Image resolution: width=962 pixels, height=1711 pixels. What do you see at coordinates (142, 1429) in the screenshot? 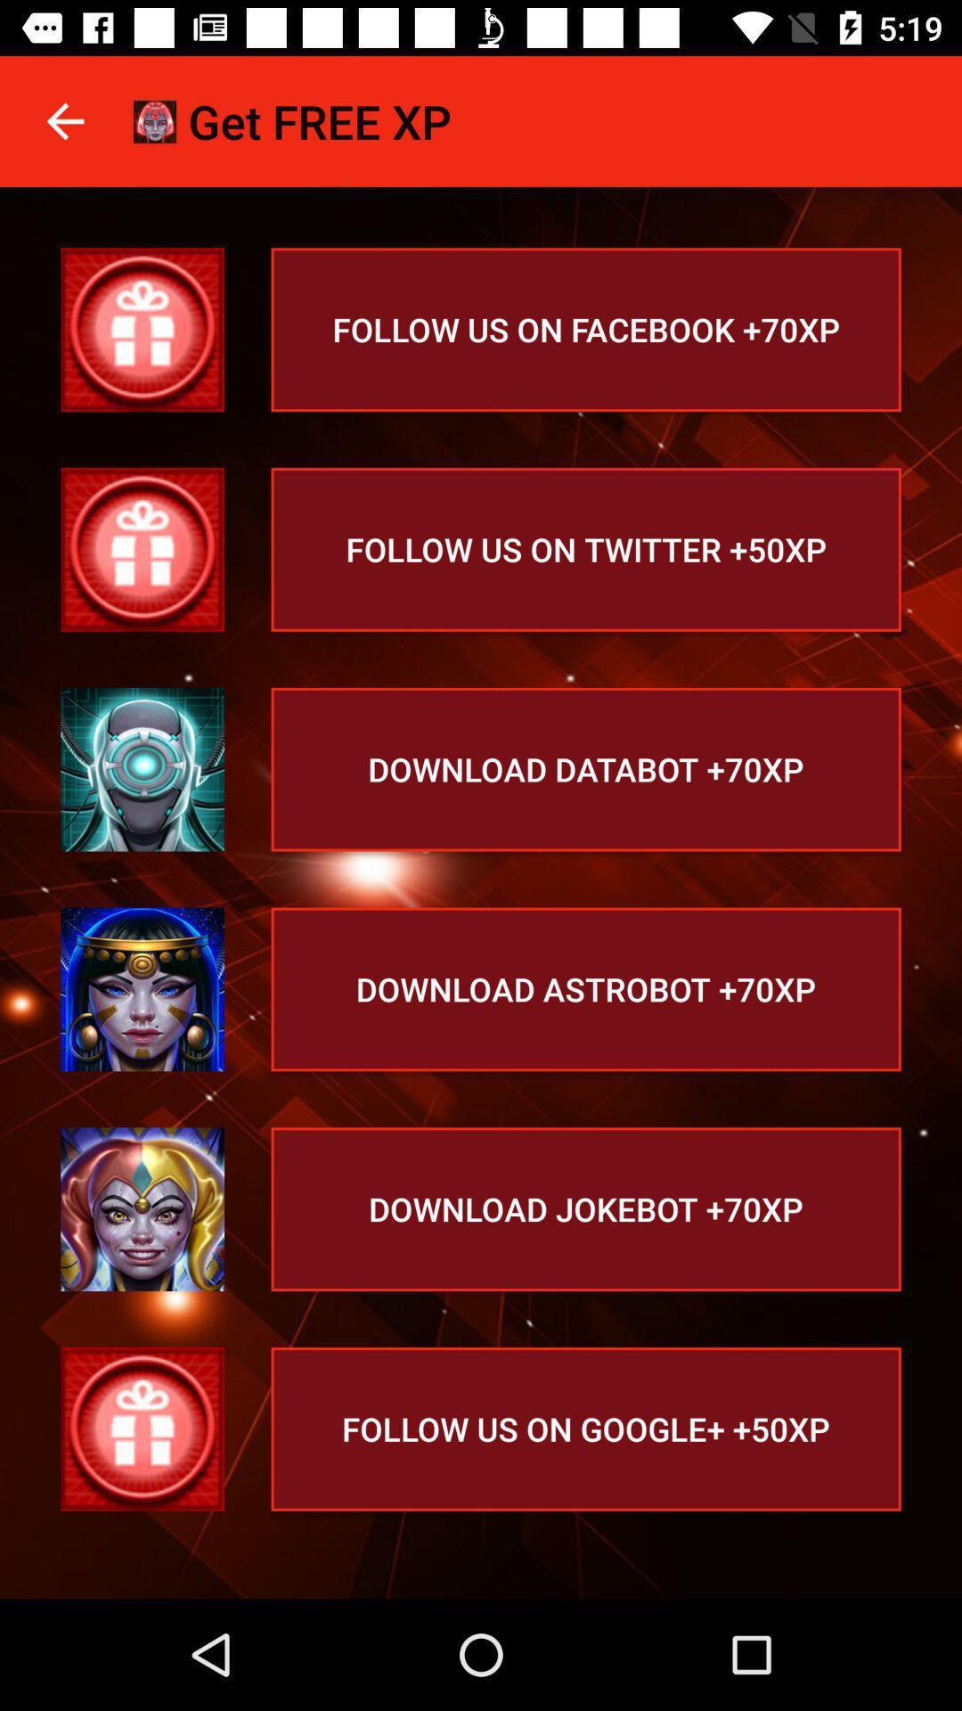
I see `follow us button` at bounding box center [142, 1429].